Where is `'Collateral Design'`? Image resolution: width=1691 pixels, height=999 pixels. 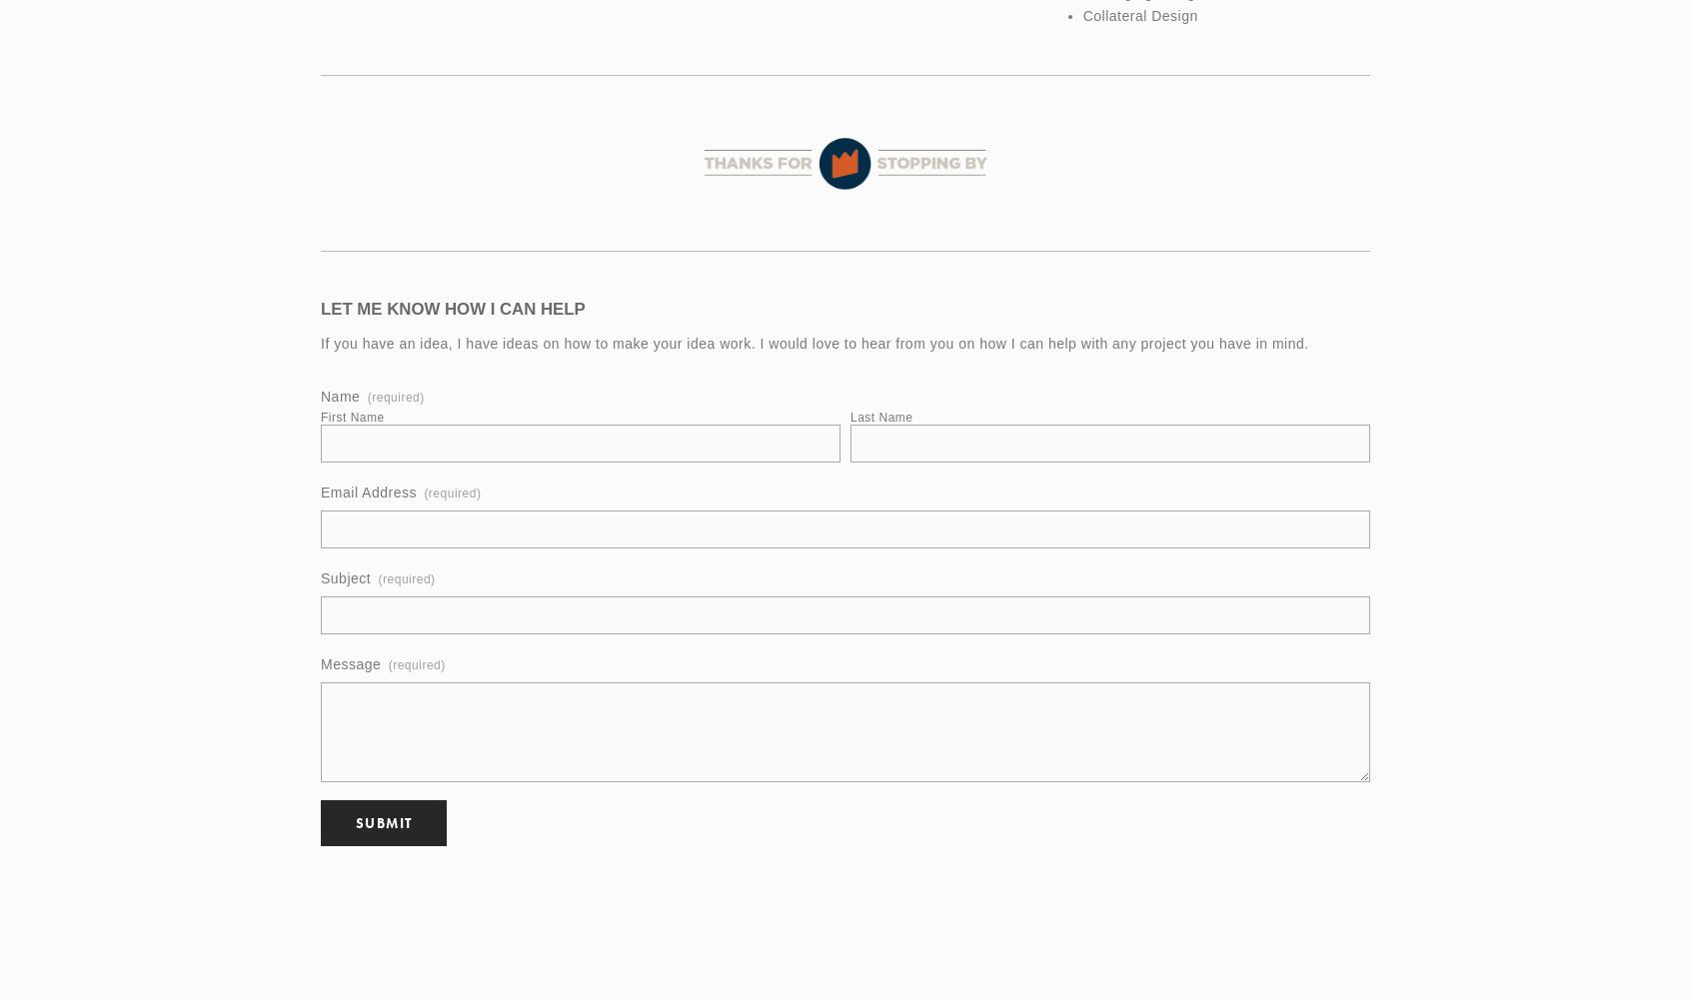 'Collateral Design' is located at coordinates (1138, 15).